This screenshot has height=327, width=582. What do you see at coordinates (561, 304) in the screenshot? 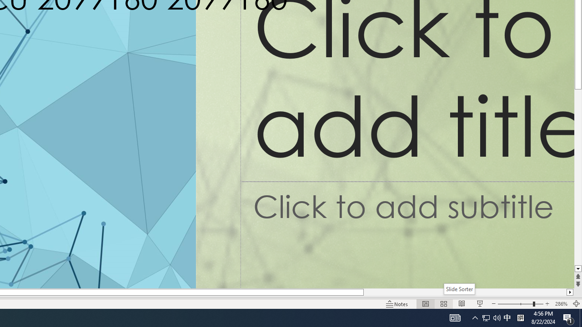
I see `'Zoom 286%'` at bounding box center [561, 304].